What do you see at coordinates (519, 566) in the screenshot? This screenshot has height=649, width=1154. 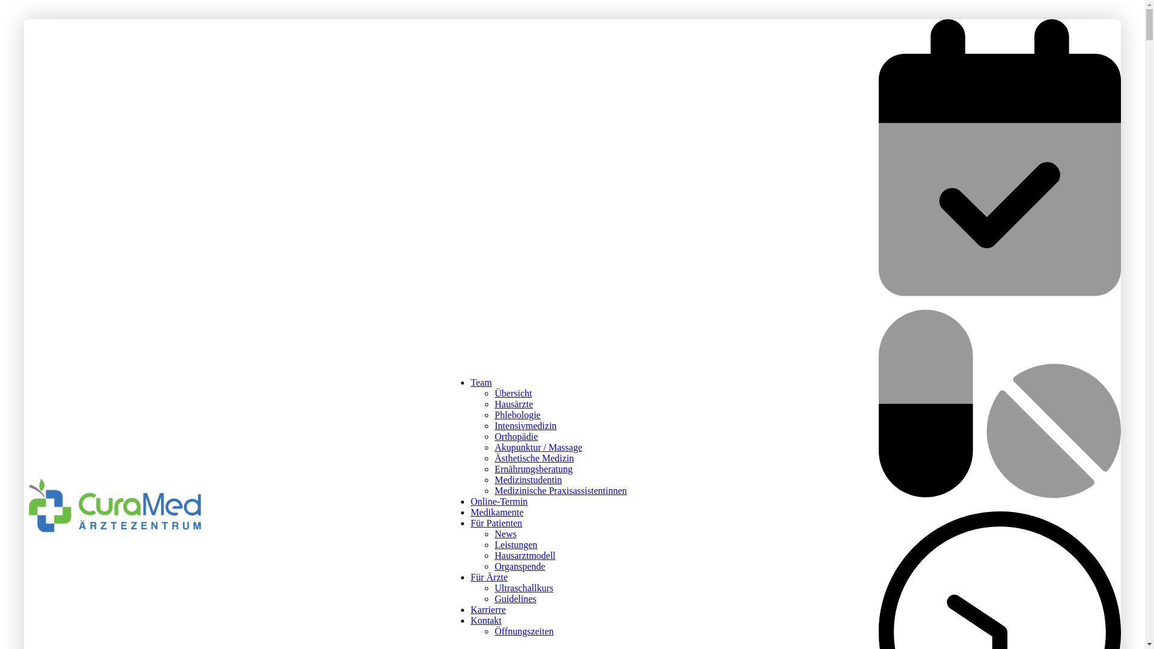 I see `'Organspende'` at bounding box center [519, 566].